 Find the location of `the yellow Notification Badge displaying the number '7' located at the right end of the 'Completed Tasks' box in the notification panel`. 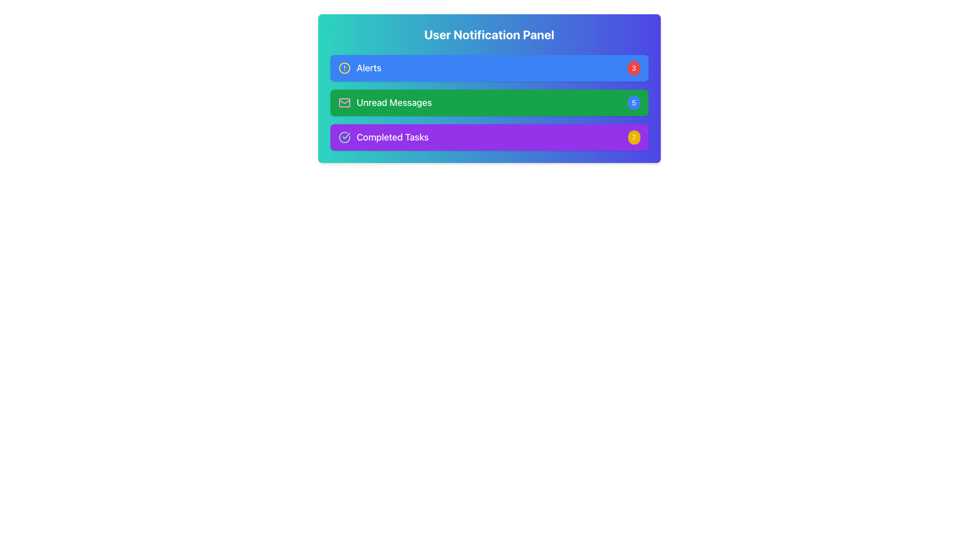

the yellow Notification Badge displaying the number '7' located at the right end of the 'Completed Tasks' box in the notification panel is located at coordinates (633, 137).